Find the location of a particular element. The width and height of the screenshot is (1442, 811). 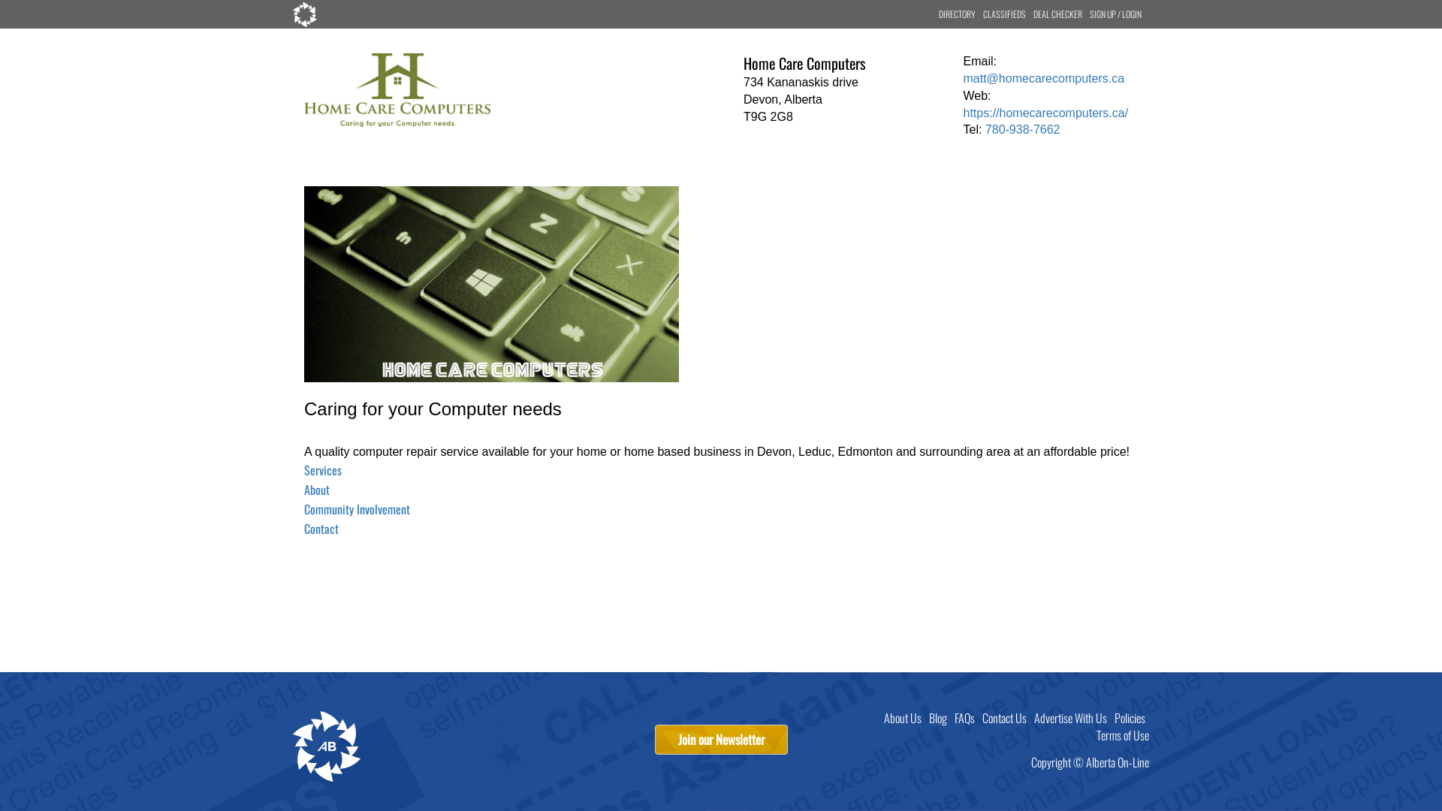

'https://homecarecomputers.ca/' is located at coordinates (1045, 112).